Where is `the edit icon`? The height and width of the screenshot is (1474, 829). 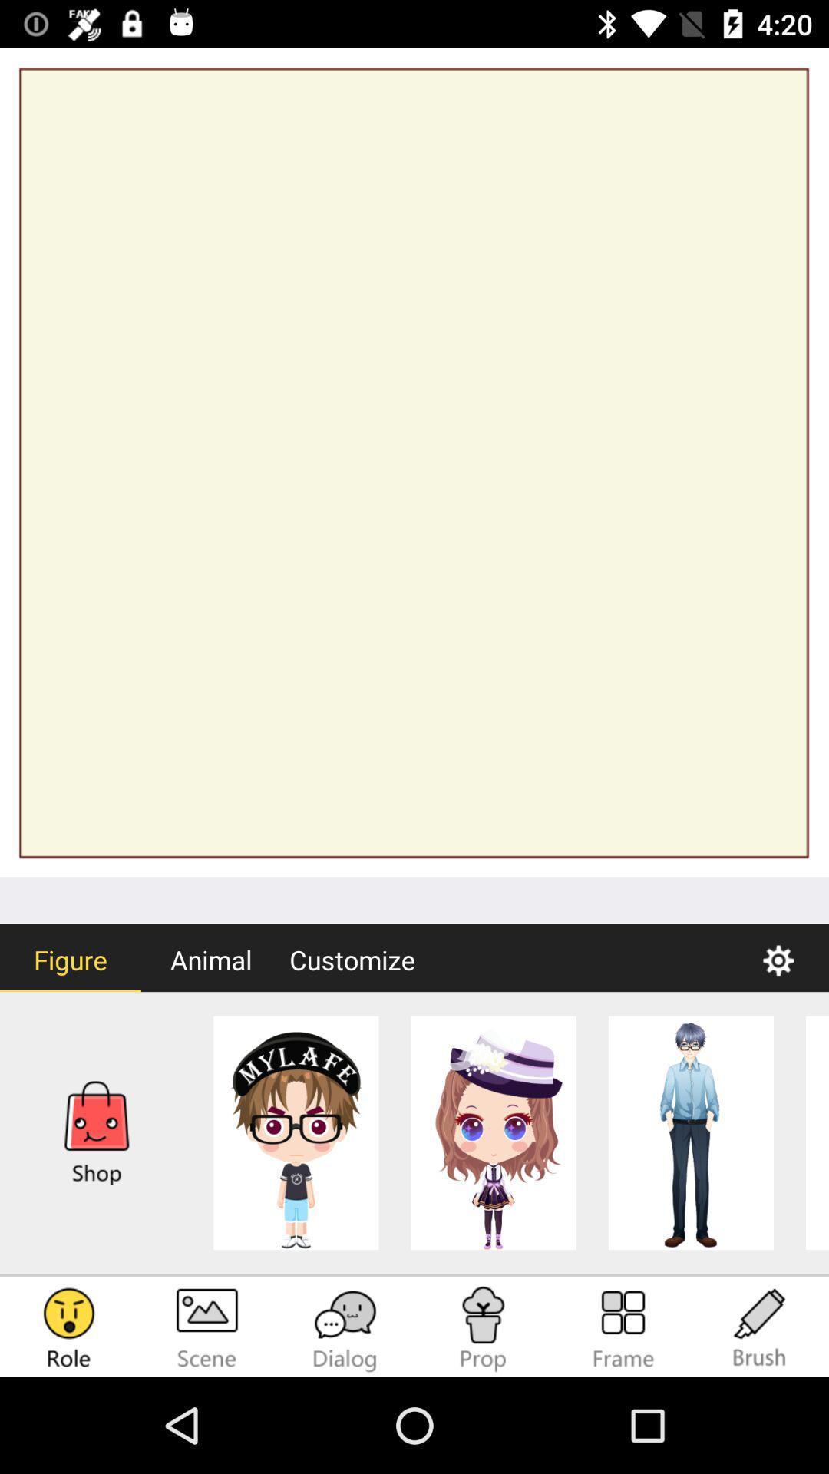 the edit icon is located at coordinates (760, 1328).